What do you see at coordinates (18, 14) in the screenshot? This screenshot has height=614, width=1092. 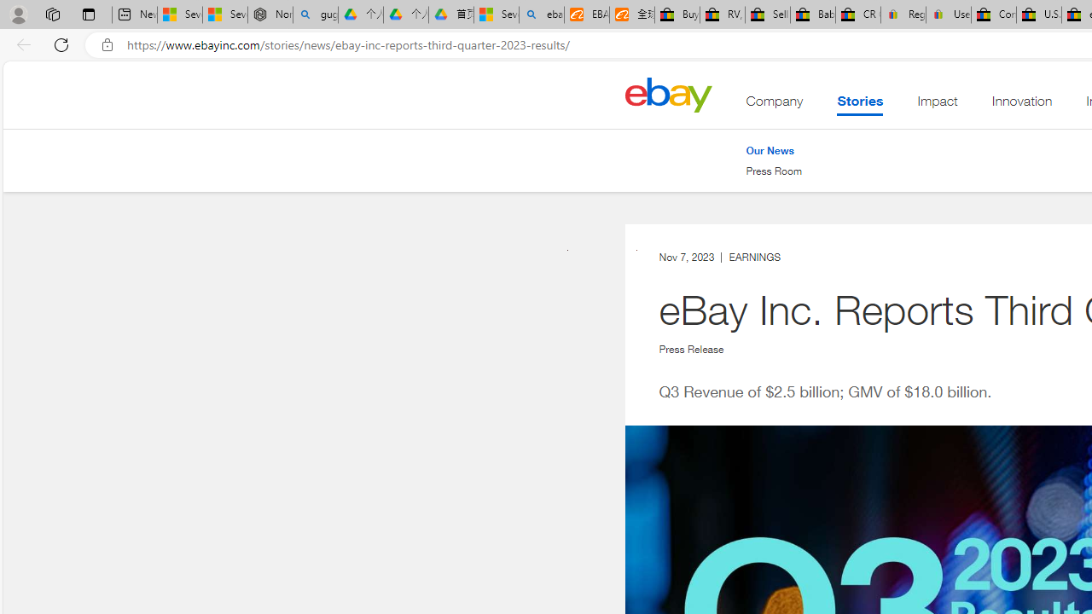 I see `'Personal Profile'` at bounding box center [18, 14].